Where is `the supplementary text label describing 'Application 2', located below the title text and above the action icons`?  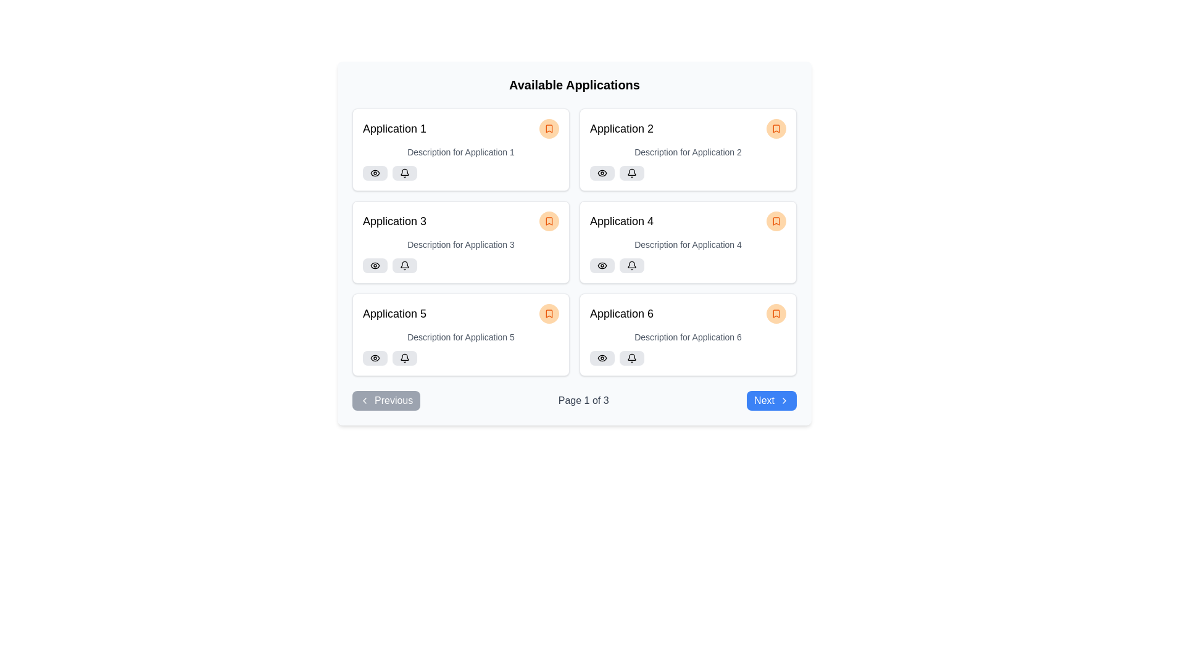
the supplementary text label describing 'Application 2', located below the title text and above the action icons is located at coordinates (687, 151).